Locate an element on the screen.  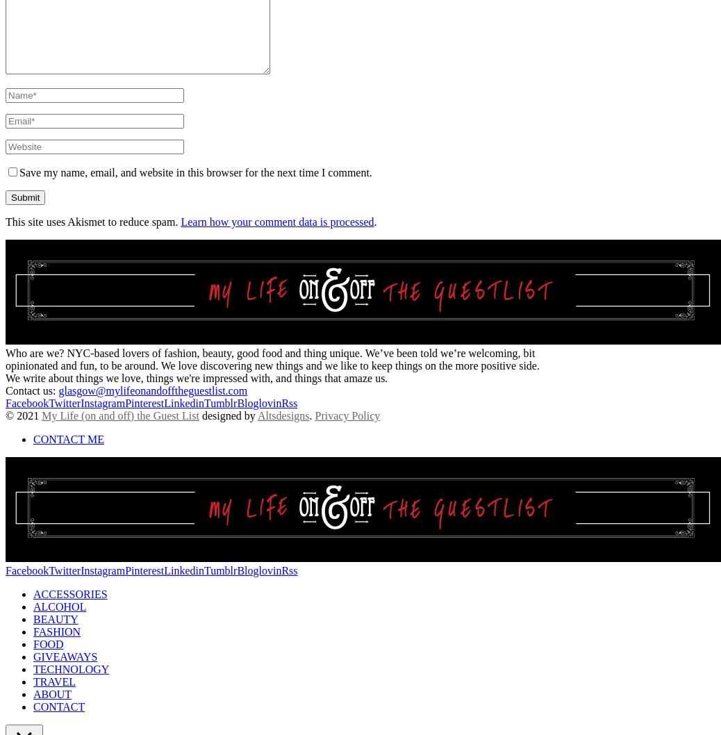
'CONTACT ME' is located at coordinates (32, 438).